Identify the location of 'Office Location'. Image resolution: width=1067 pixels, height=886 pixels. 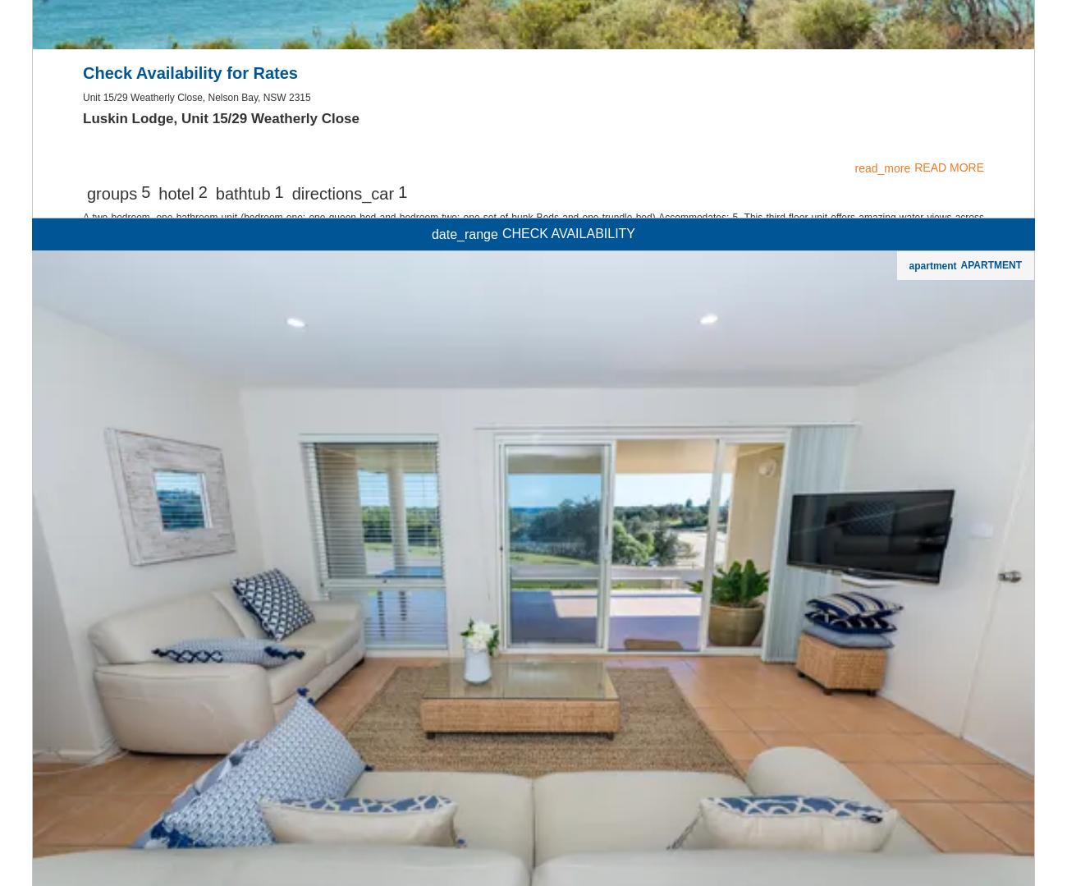
(67, 180).